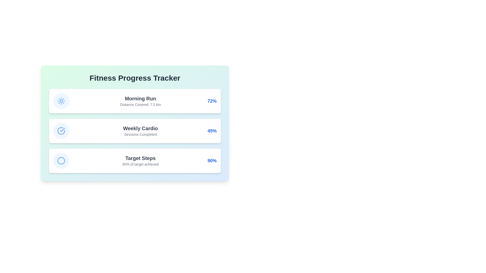  I want to click on the circular icon with a blue border that is the third icon in the vertical list, located next to the label 'Target Steps', so click(61, 161).